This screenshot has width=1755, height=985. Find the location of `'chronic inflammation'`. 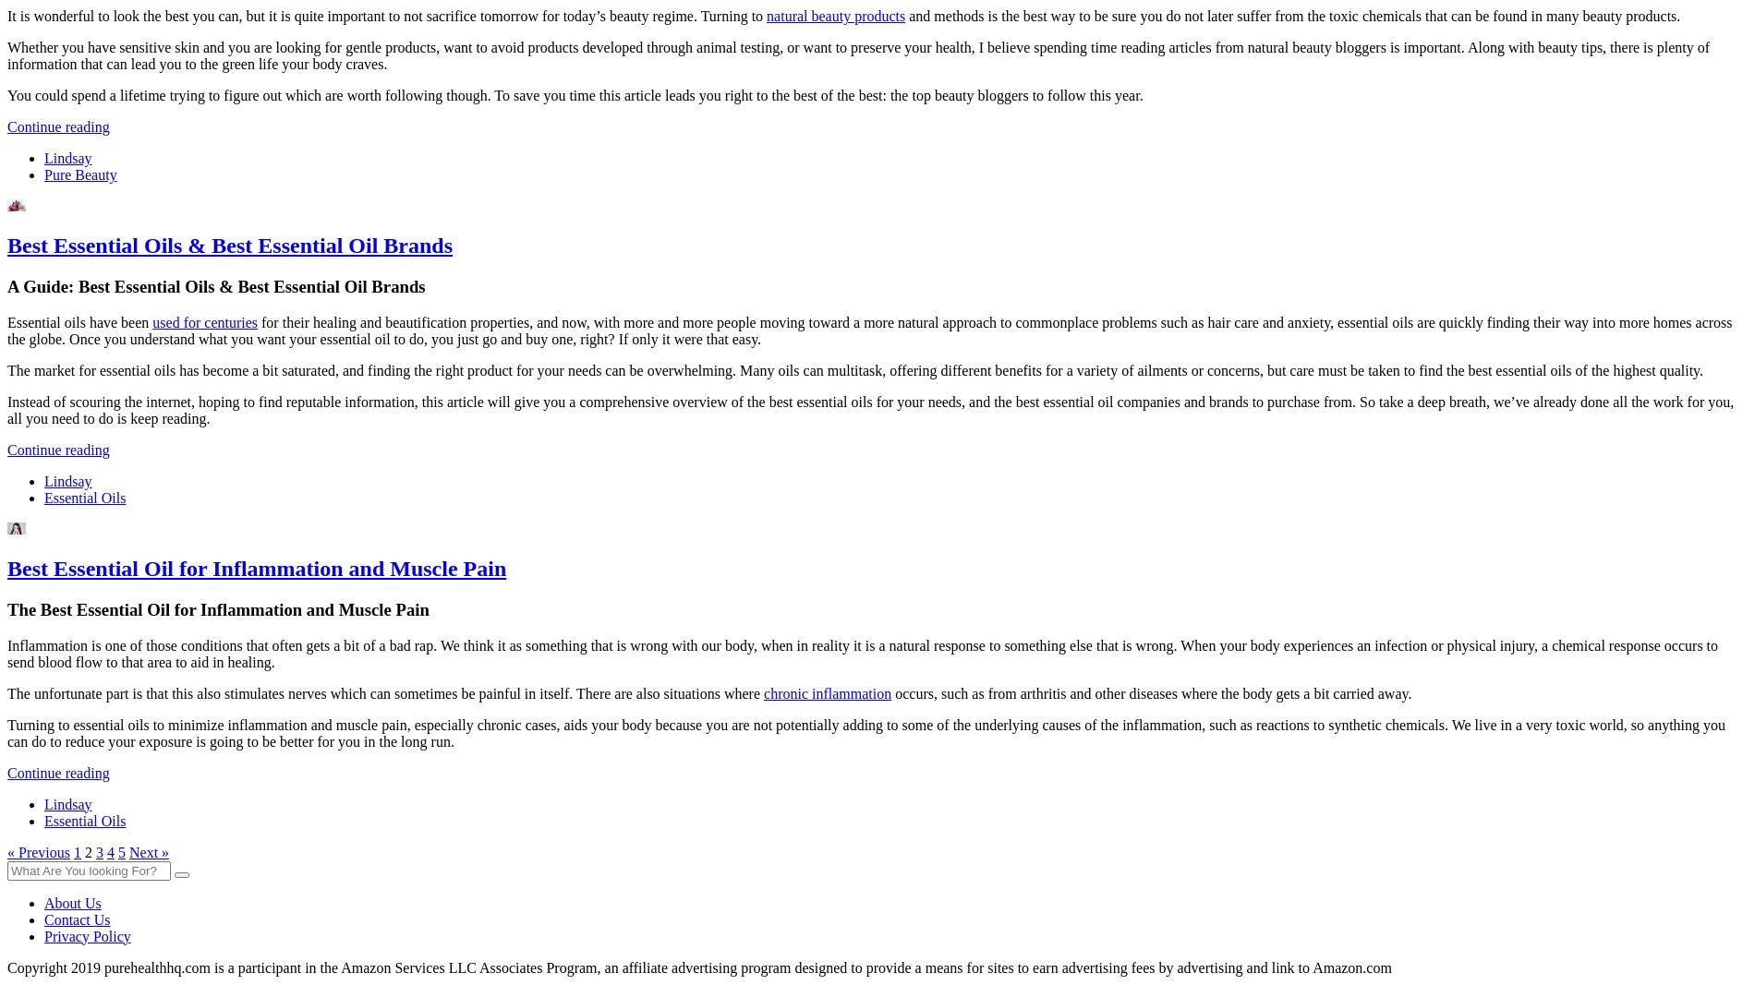

'chronic inflammation' is located at coordinates (763, 691).